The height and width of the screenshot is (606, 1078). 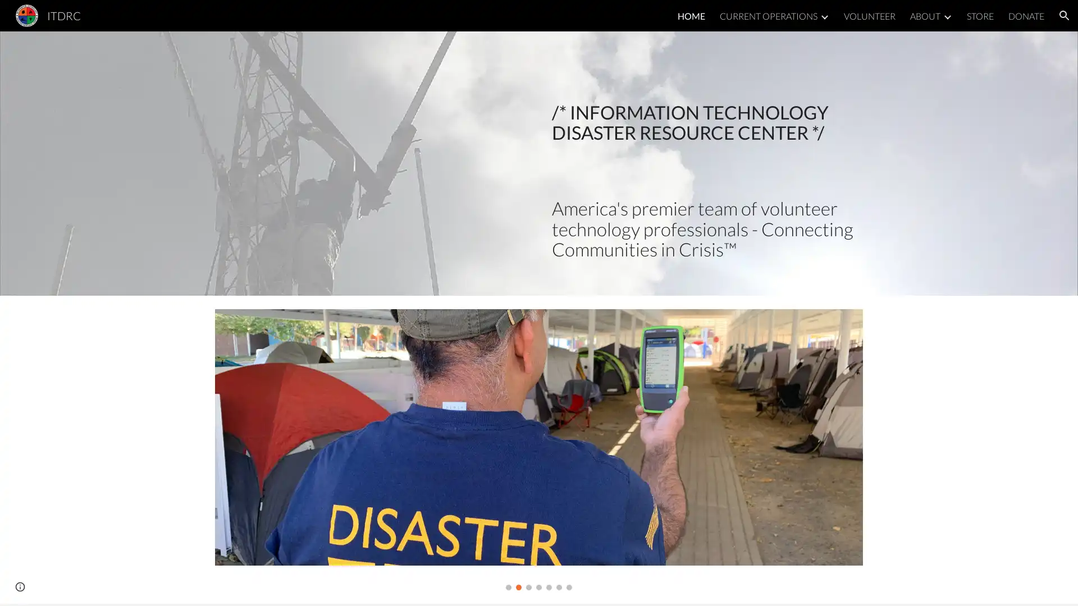 What do you see at coordinates (640, 21) in the screenshot?
I see `Skip to navigation` at bounding box center [640, 21].